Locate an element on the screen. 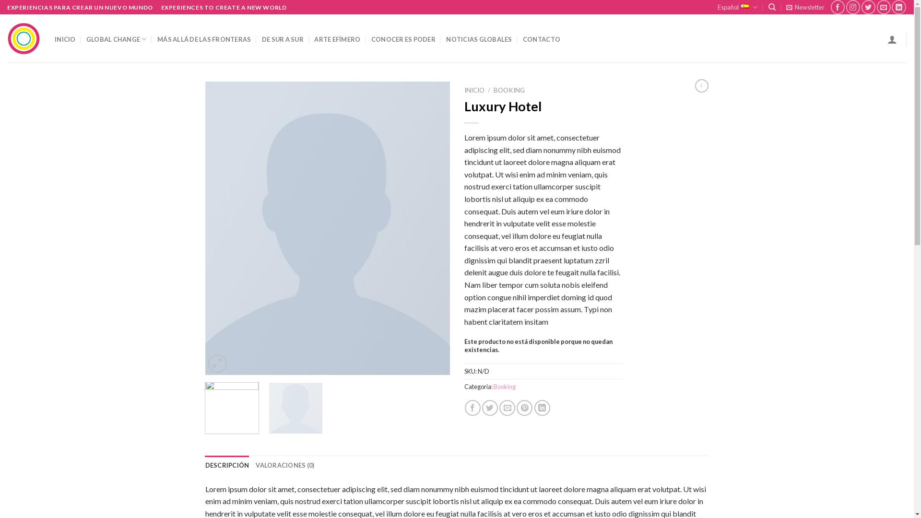 This screenshot has height=518, width=921. 'BOOKING' is located at coordinates (508, 90).